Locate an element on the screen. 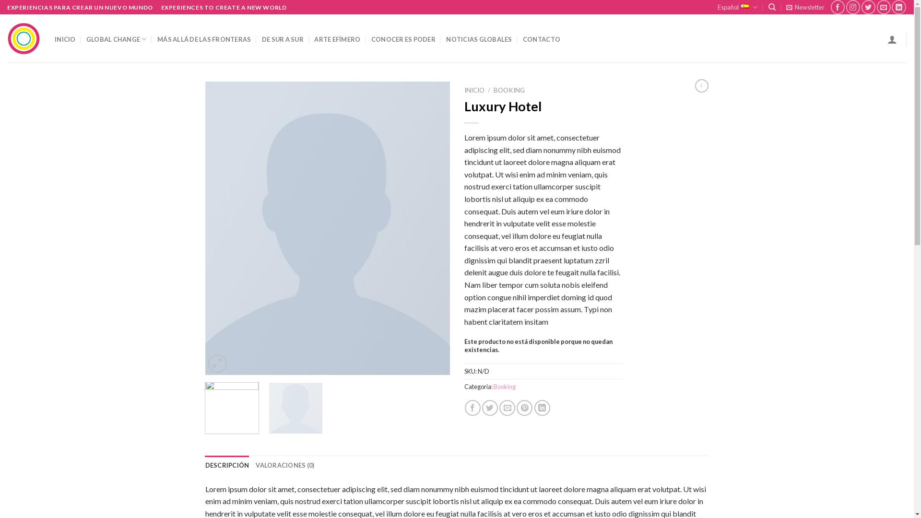 This screenshot has height=518, width=921. 'BOOKING' is located at coordinates (508, 90).